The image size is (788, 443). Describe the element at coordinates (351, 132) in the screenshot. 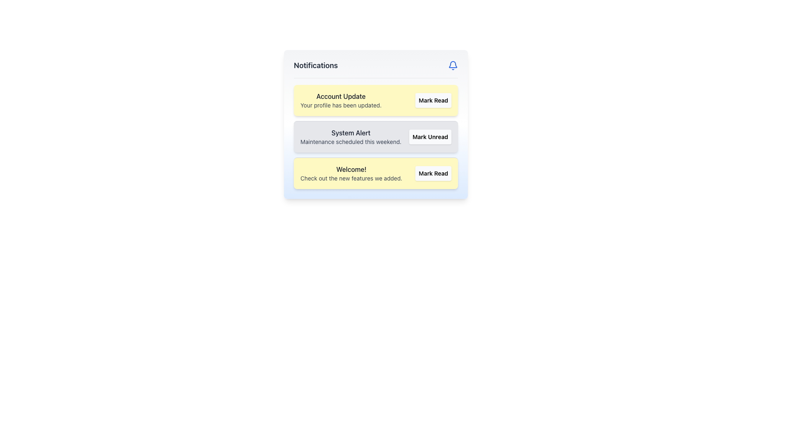

I see `the 'System Alert' text label, which is styled with a medium font weight and grayish-black color, located in the second notification block above the description 'Maintenance scheduled this weekend.'` at that location.